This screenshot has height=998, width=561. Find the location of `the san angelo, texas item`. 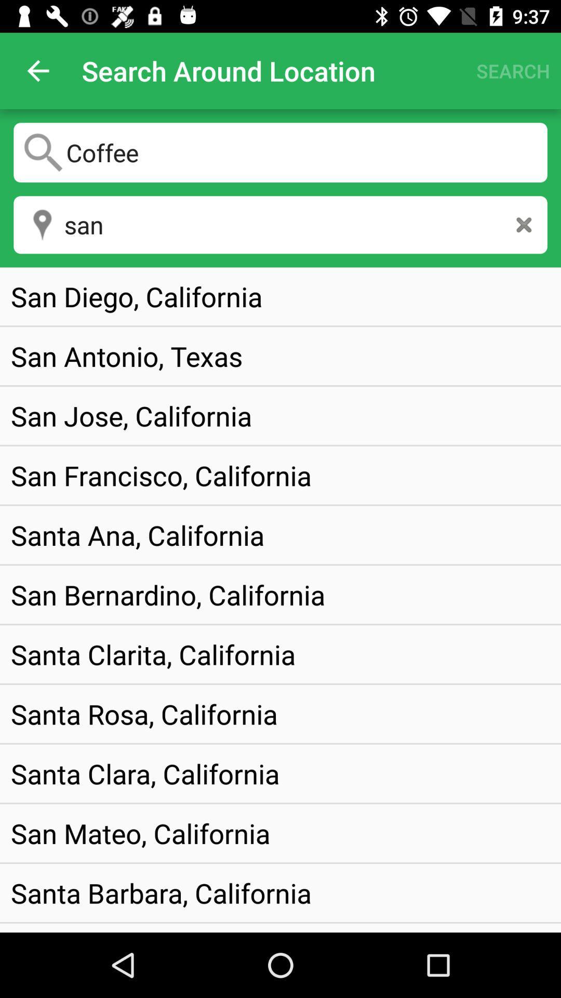

the san angelo, texas item is located at coordinates (121, 928).